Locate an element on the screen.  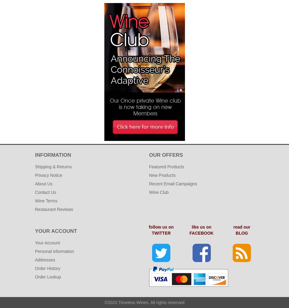
'. All rights reserved' is located at coordinates (166, 302).